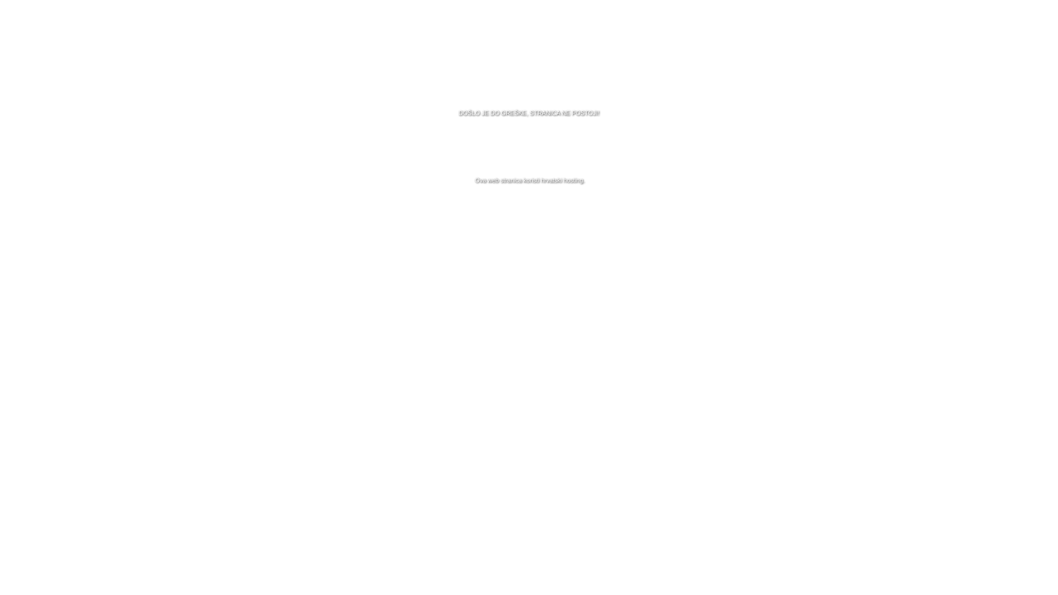  I want to click on 'hrvatski hosting', so click(562, 180).